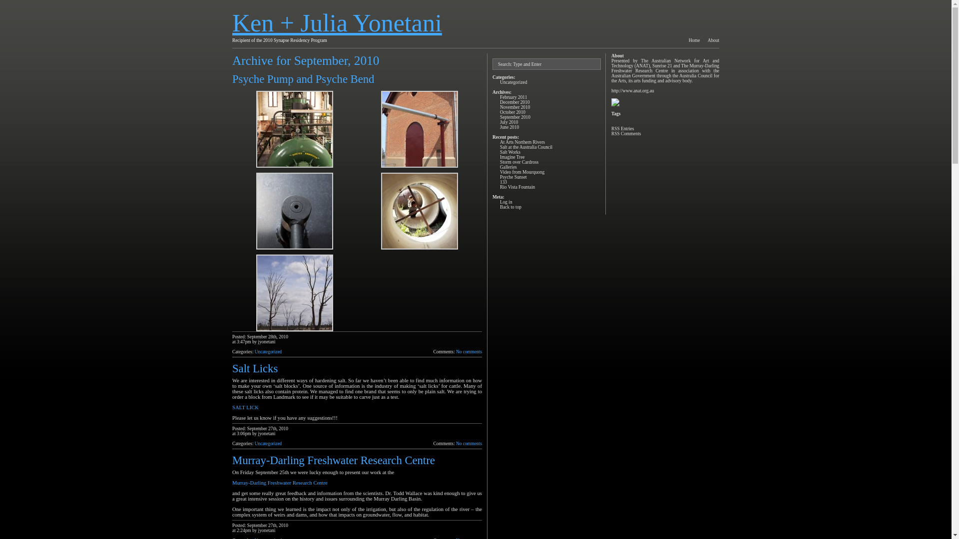  Describe the element at coordinates (512, 157) in the screenshot. I see `'Imagine Tree'` at that location.